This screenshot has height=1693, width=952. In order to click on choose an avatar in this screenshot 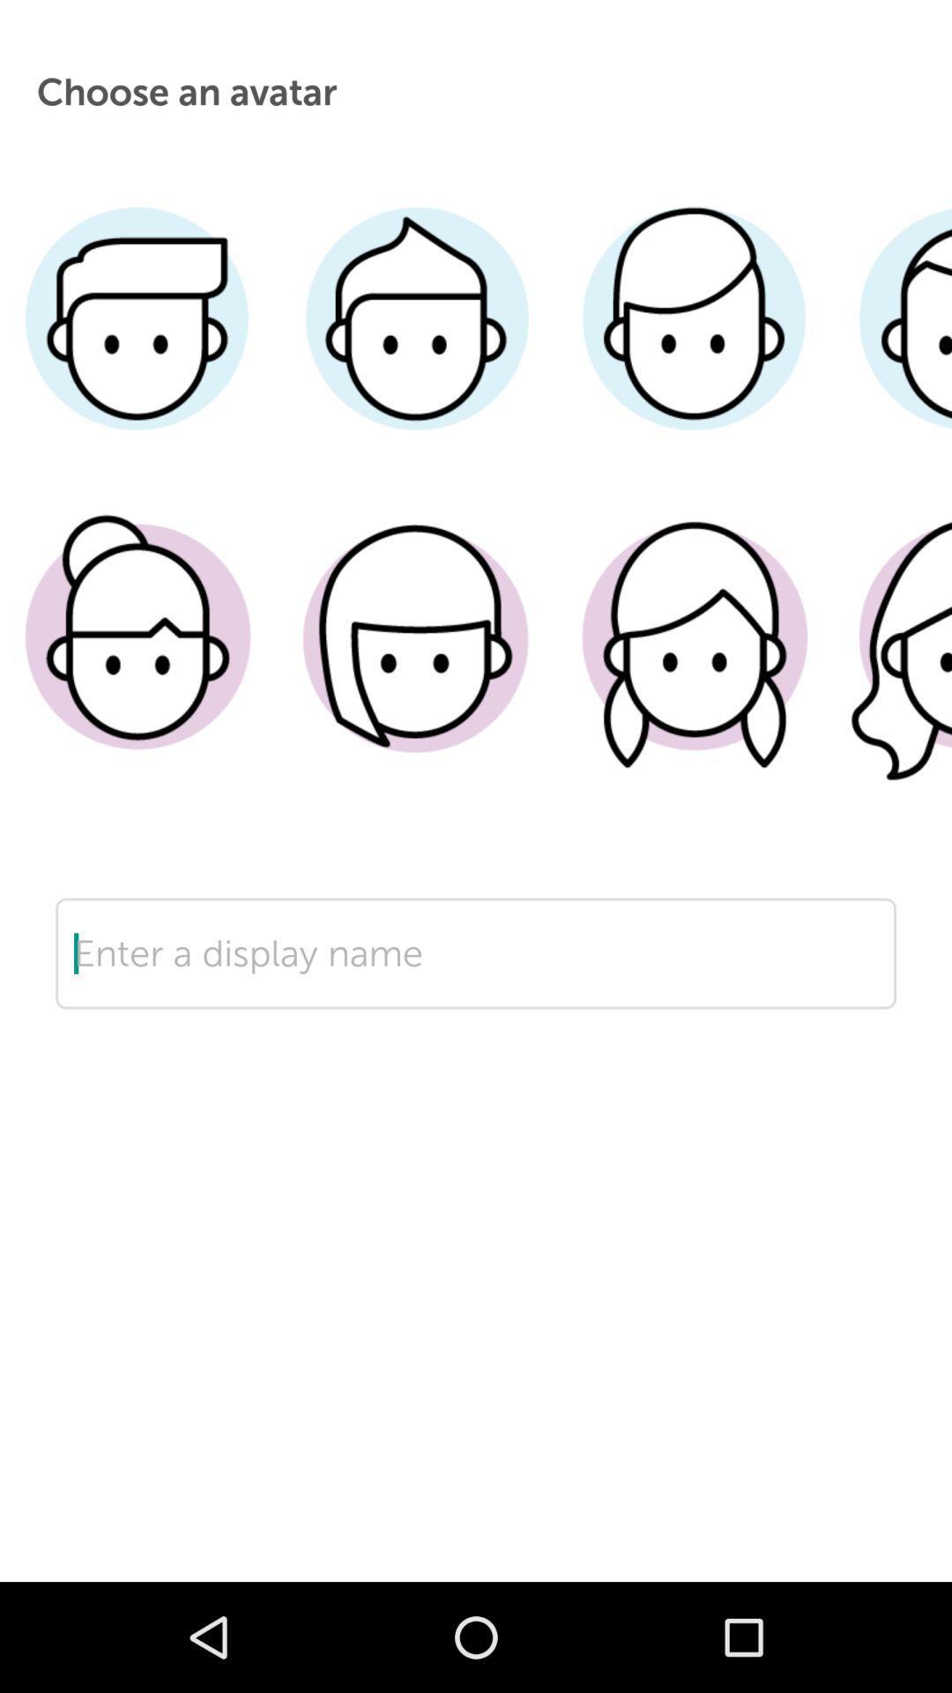, I will do `click(693, 663)`.